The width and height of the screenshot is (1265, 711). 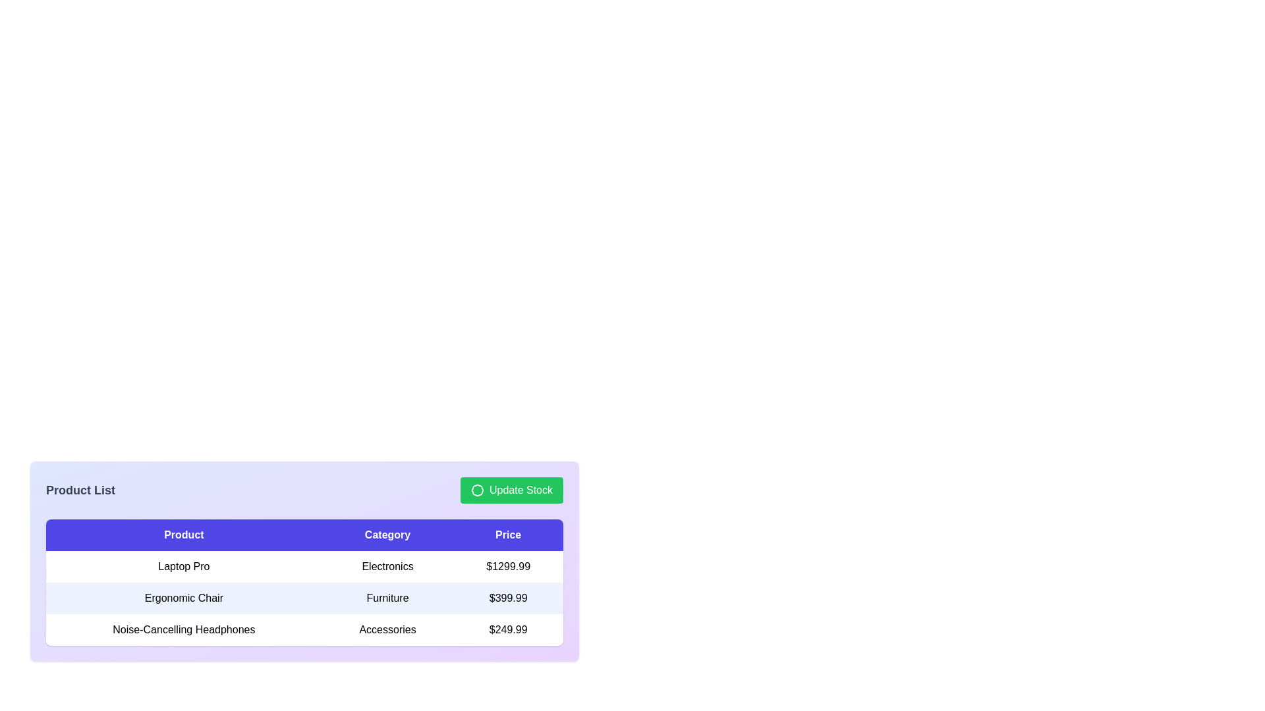 What do you see at coordinates (387, 598) in the screenshot?
I see `the 'Category' label in the table that indicates the type of product, specifically the label associated with 'Ergonomic Chair' and '$399.99'` at bounding box center [387, 598].